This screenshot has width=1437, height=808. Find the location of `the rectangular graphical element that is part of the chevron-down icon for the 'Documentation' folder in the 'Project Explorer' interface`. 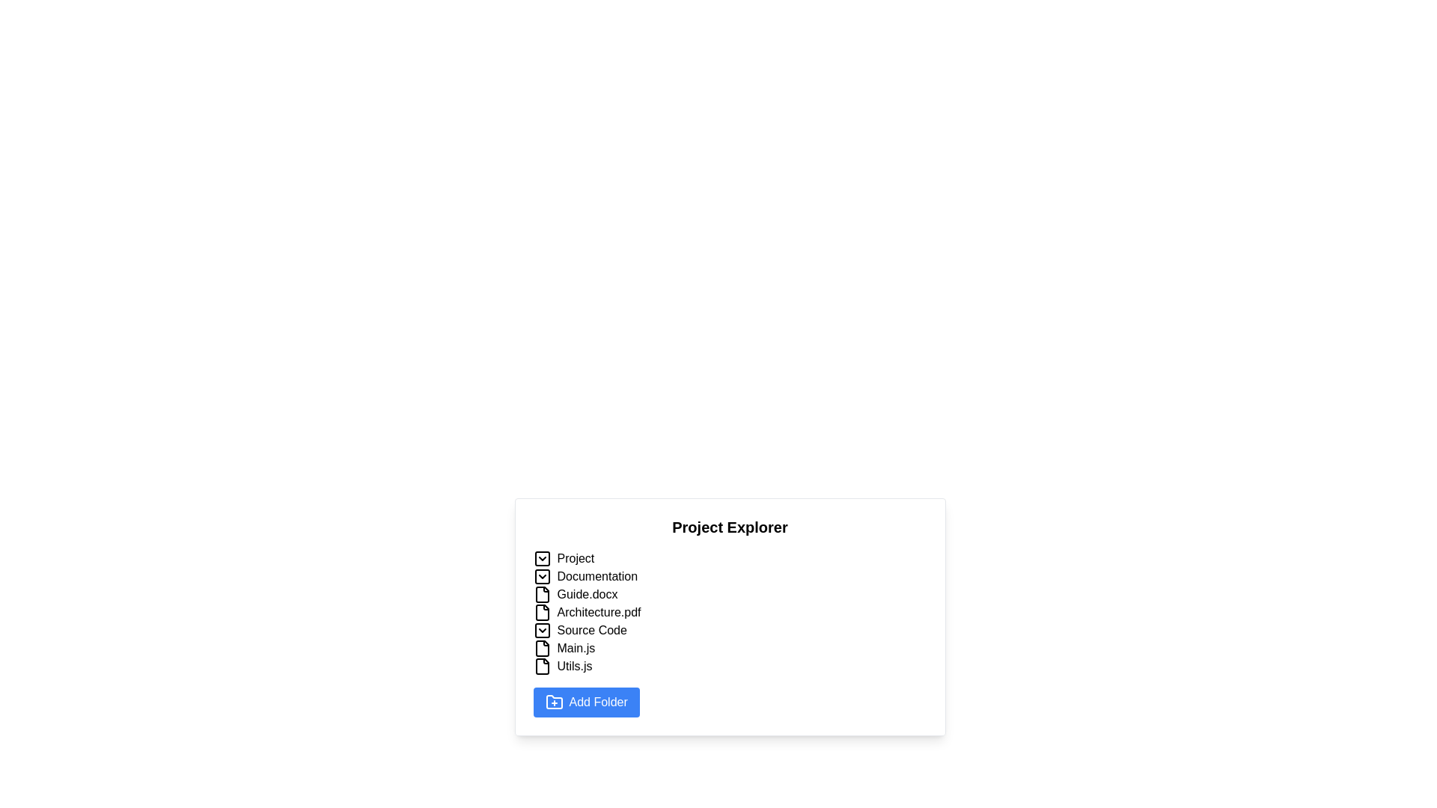

the rectangular graphical element that is part of the chevron-down icon for the 'Documentation' folder in the 'Project Explorer' interface is located at coordinates (541, 576).